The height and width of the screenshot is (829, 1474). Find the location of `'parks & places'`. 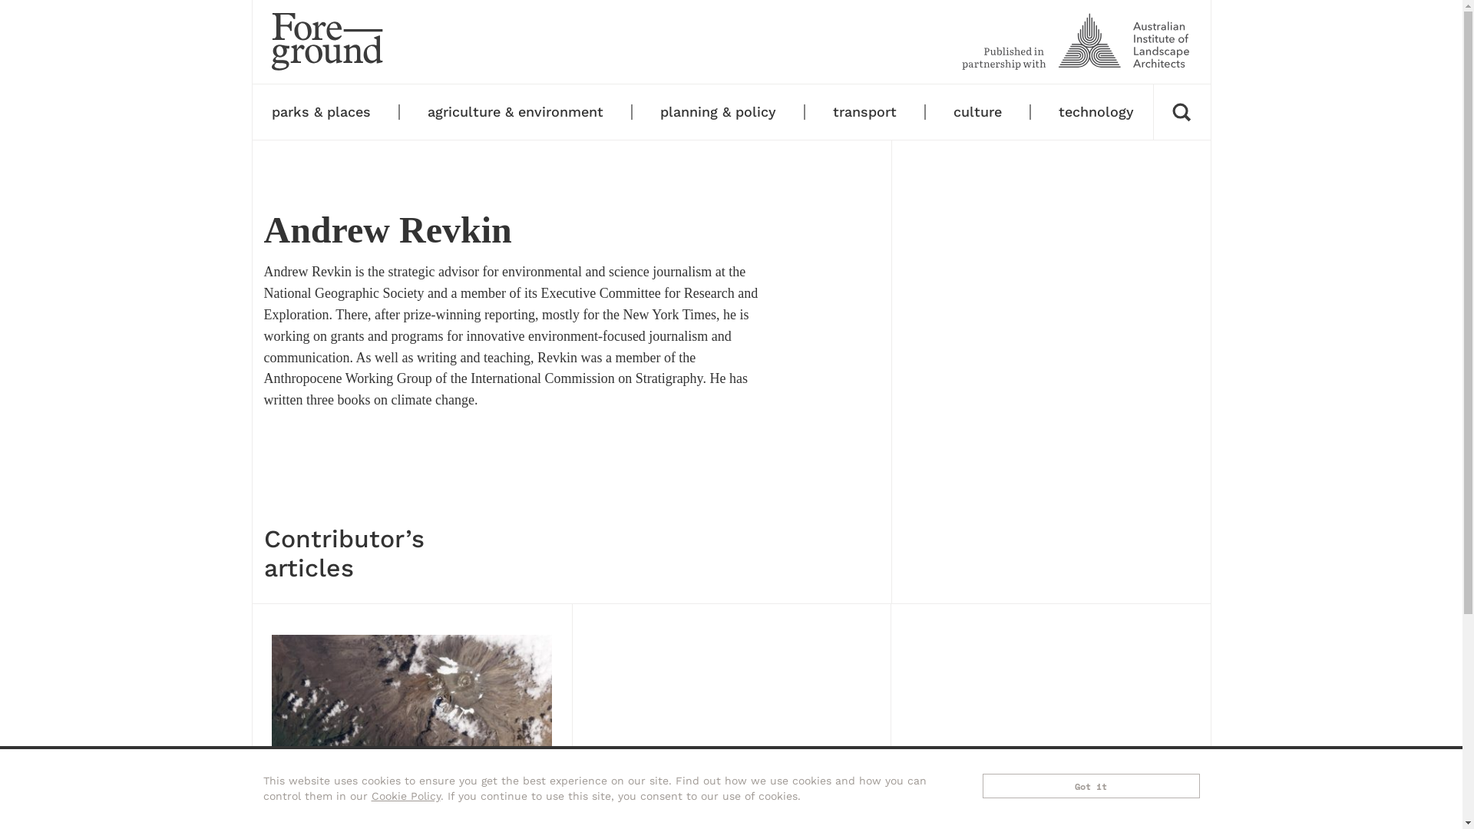

'parks & places' is located at coordinates (320, 111).